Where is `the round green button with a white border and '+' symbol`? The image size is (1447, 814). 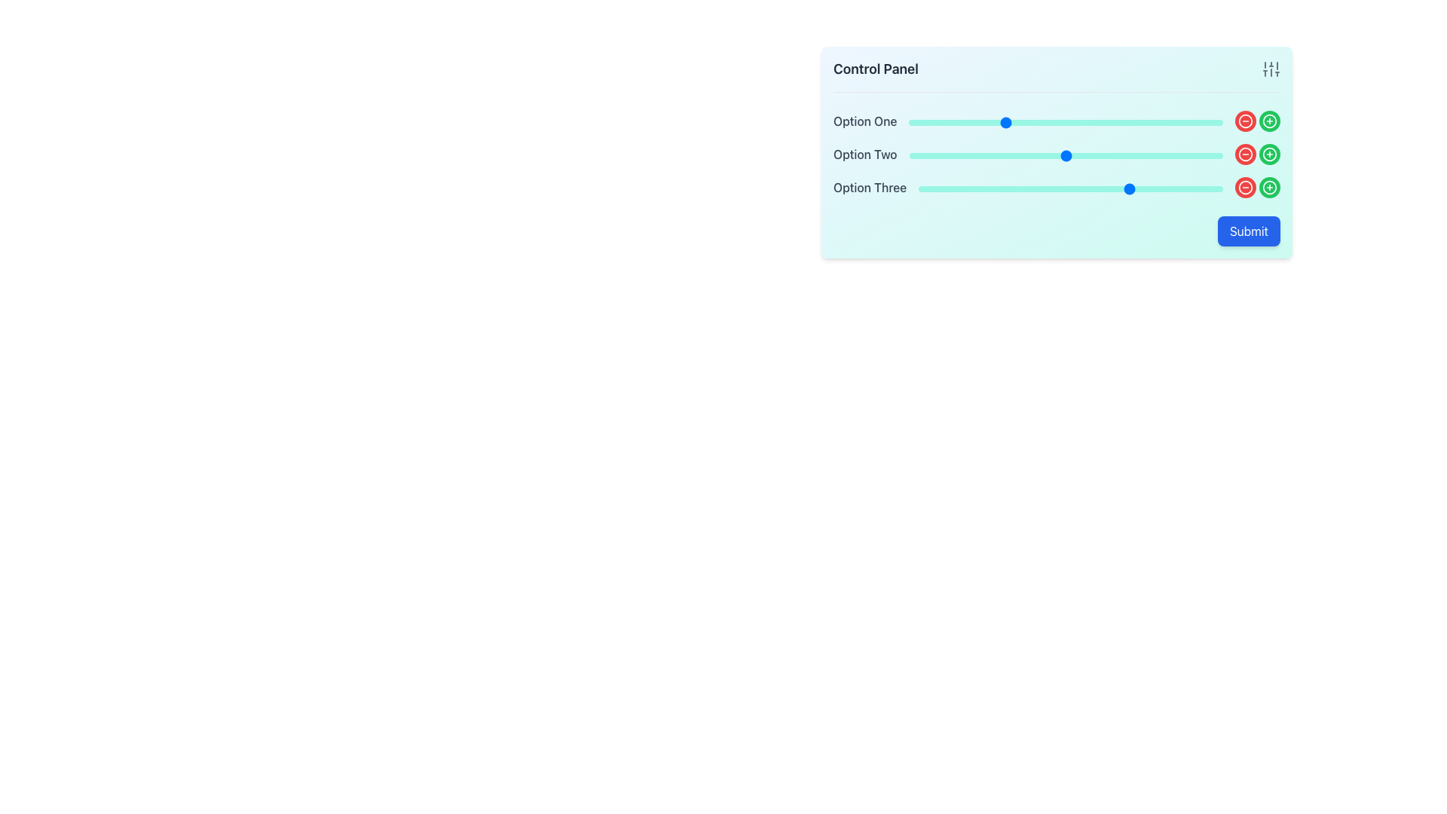
the round green button with a white border and '+' symbol is located at coordinates (1268, 154).